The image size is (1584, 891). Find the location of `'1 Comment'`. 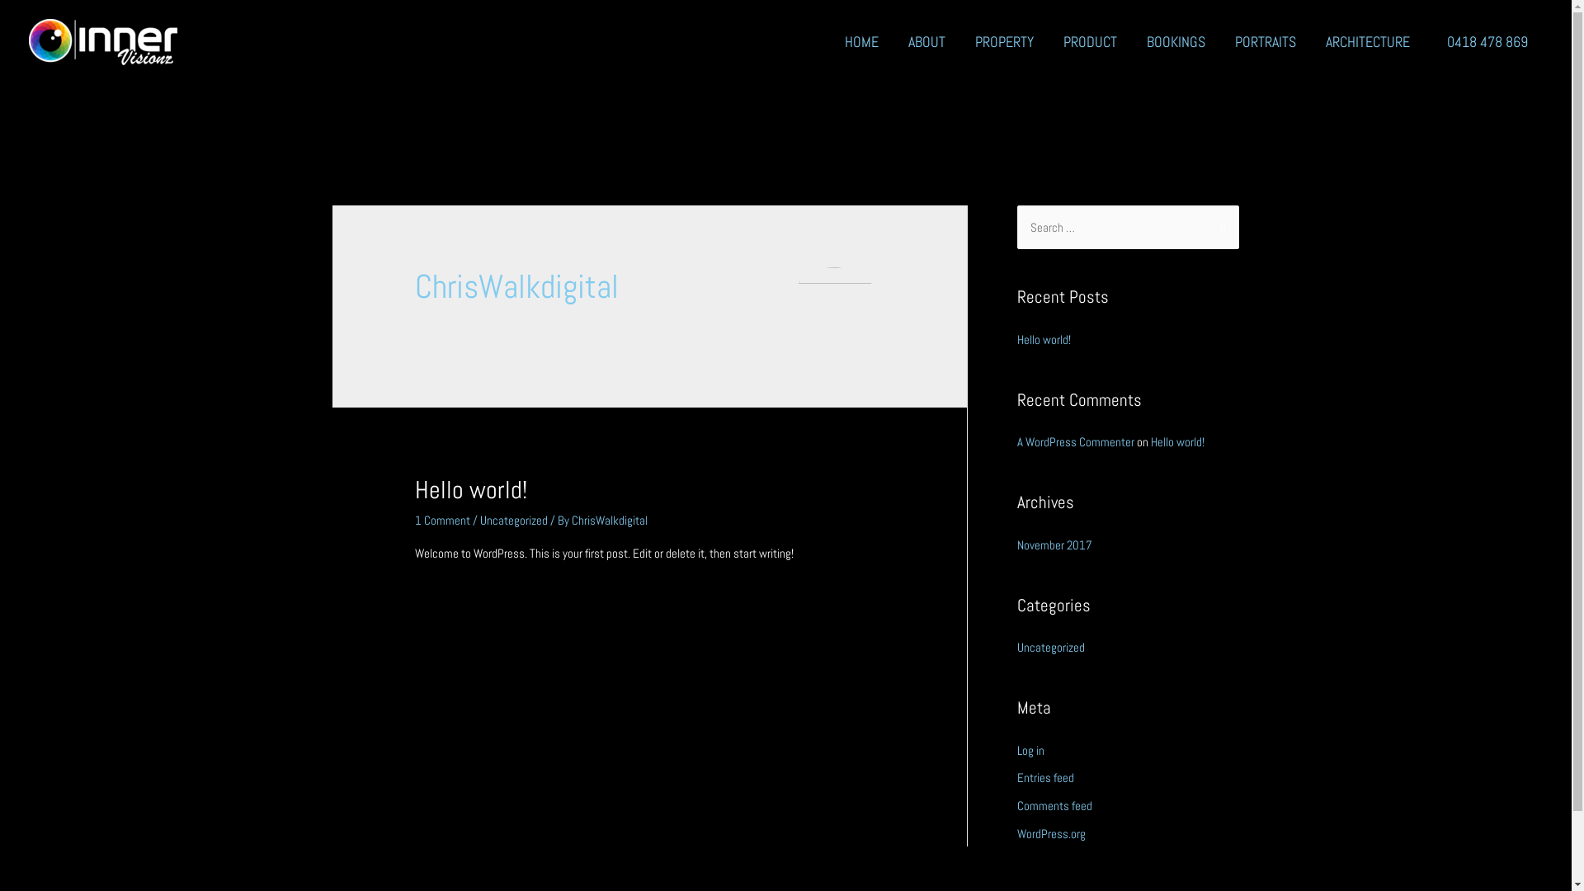

'1 Comment' is located at coordinates (442, 520).